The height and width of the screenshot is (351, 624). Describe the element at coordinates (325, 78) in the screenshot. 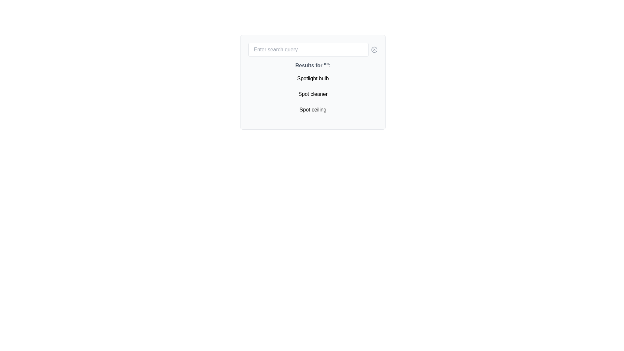

I see `the lowercase letter 'l' in the word 'bulb' of the phrase 'Spotlight bulb', which appears under the bold text 'Results for ""'` at that location.